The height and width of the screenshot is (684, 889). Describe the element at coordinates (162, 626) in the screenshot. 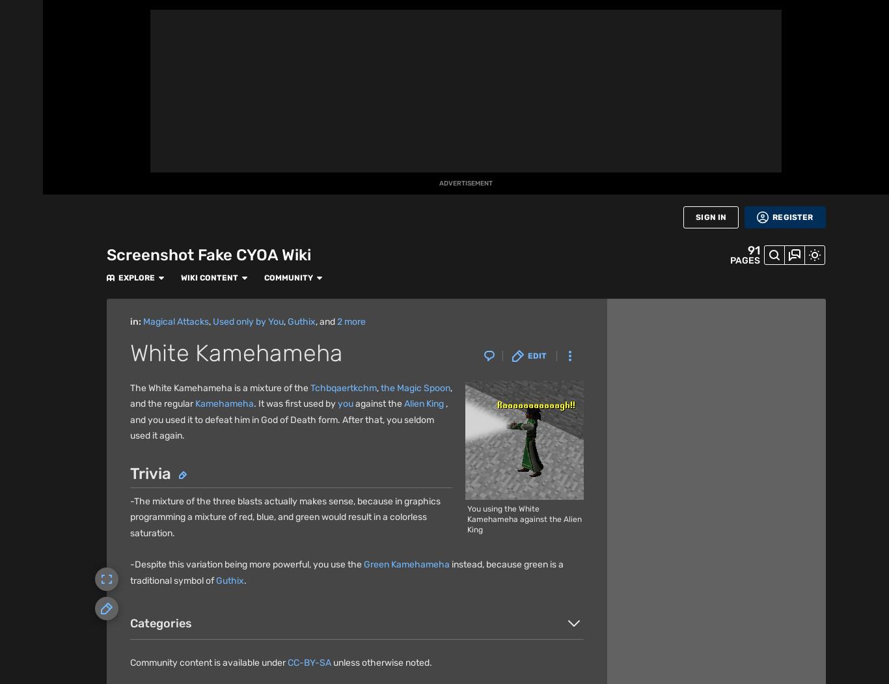

I see `'Fandom'` at that location.